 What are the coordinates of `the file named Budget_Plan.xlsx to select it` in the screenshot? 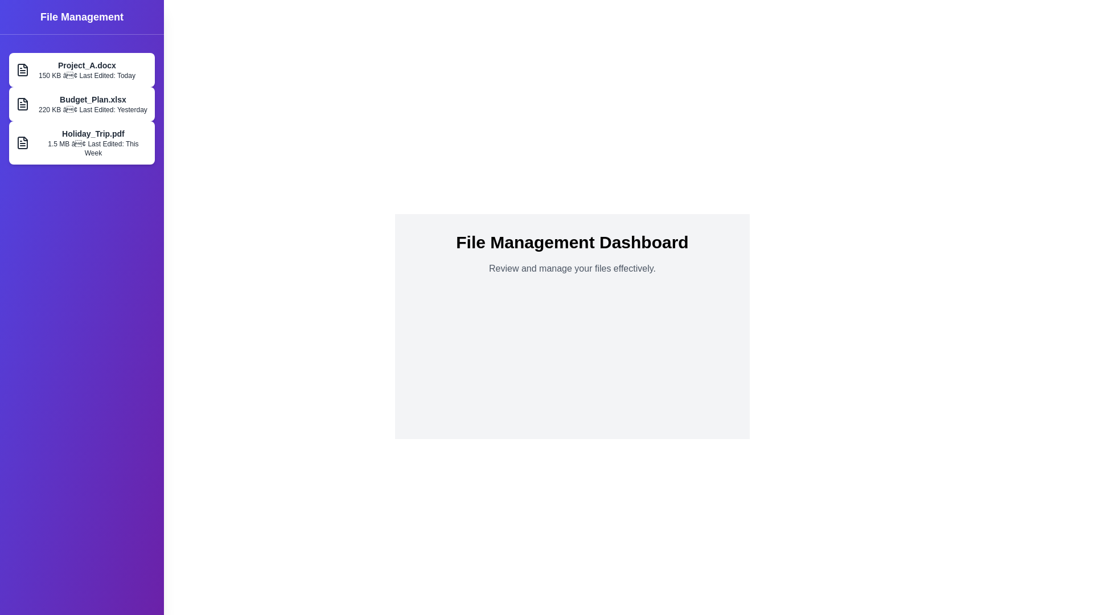 It's located at (81, 104).